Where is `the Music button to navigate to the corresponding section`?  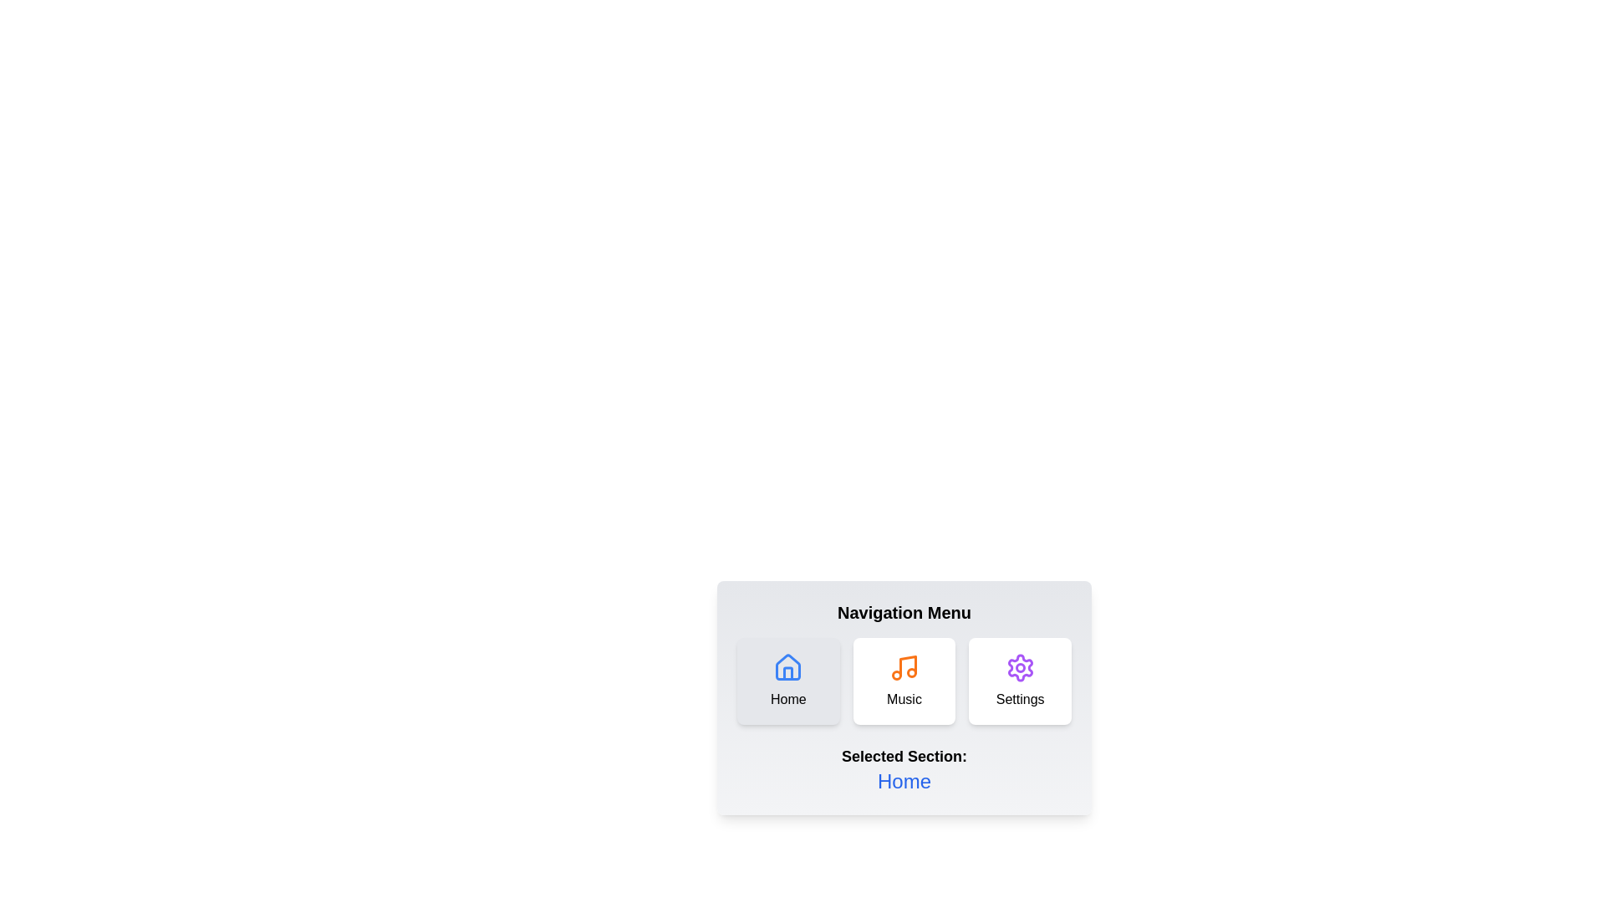 the Music button to navigate to the corresponding section is located at coordinates (903, 681).